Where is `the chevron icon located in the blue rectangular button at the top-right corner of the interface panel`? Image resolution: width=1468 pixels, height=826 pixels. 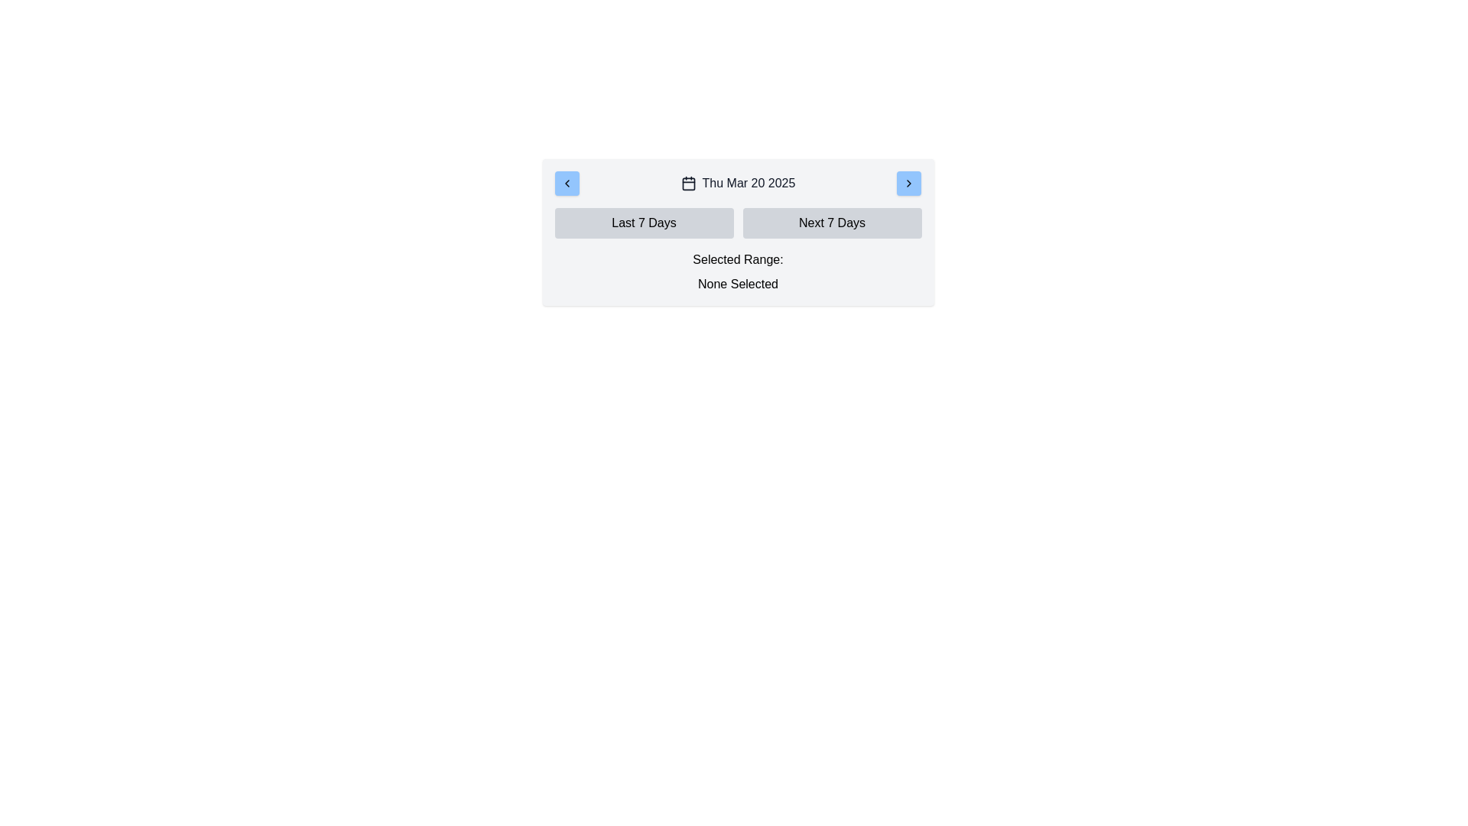
the chevron icon located in the blue rectangular button at the top-right corner of the interface panel is located at coordinates (909, 182).